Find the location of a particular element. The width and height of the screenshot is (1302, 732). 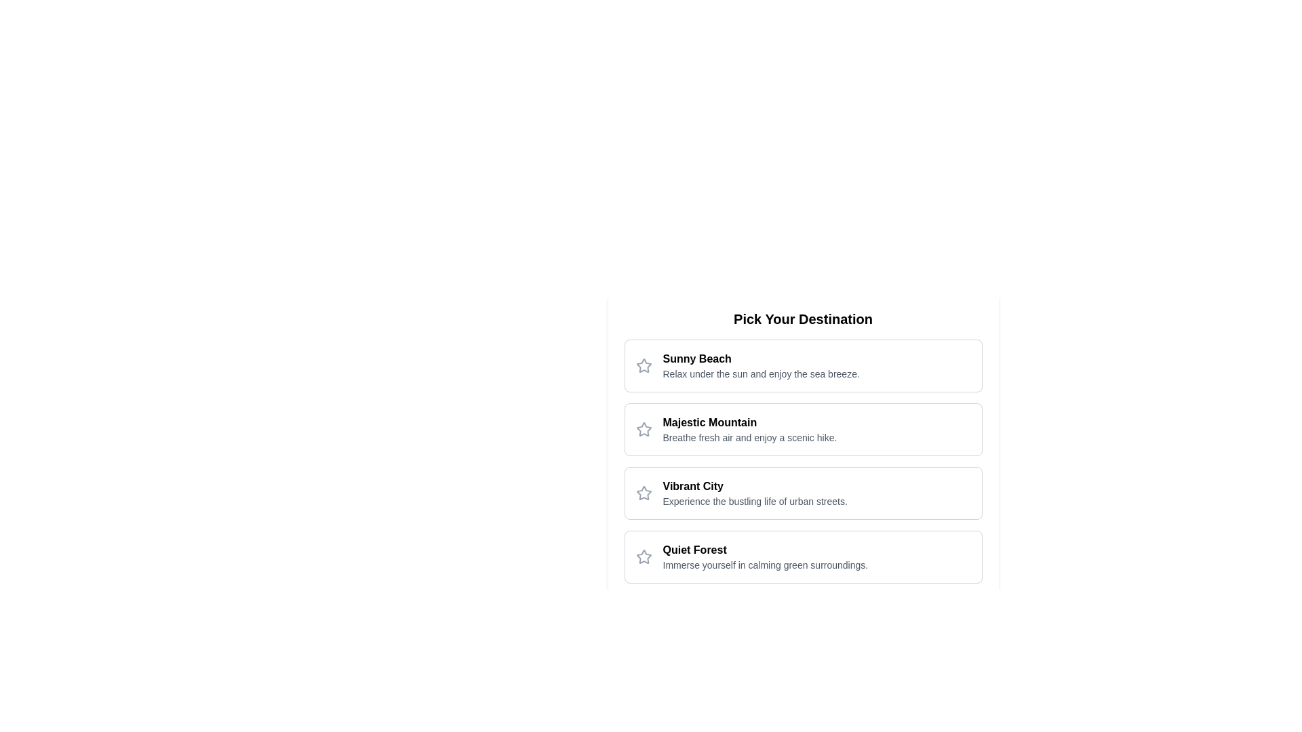

the interactive list item labeled 'Pick Your Destination', specifically the second option 'Majestic Mountain' is located at coordinates (803, 447).